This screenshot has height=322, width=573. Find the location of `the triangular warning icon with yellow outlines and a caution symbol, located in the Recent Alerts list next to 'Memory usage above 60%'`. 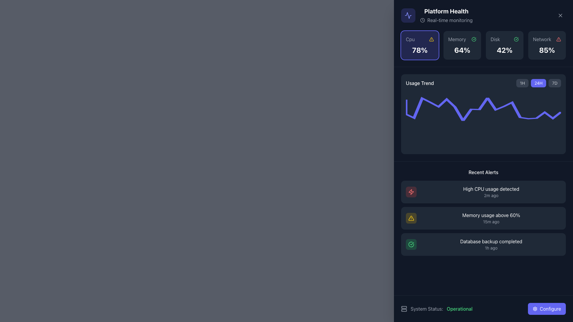

the triangular warning icon with yellow outlines and a caution symbol, located in the Recent Alerts list next to 'Memory usage above 60%' is located at coordinates (411, 218).